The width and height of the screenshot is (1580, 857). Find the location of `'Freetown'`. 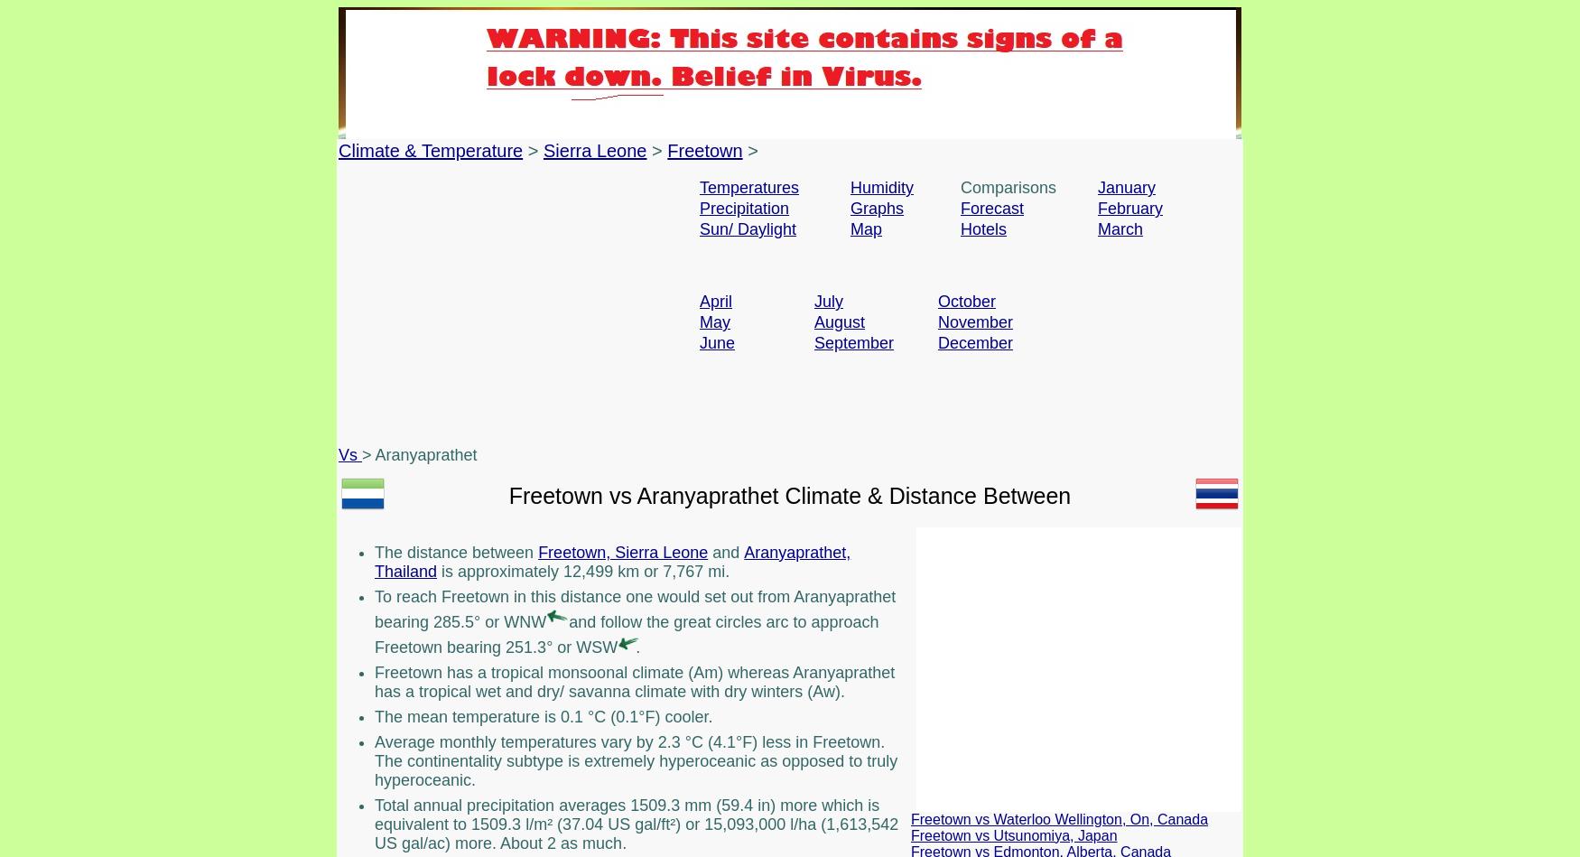

'Freetown' is located at coordinates (667, 150).